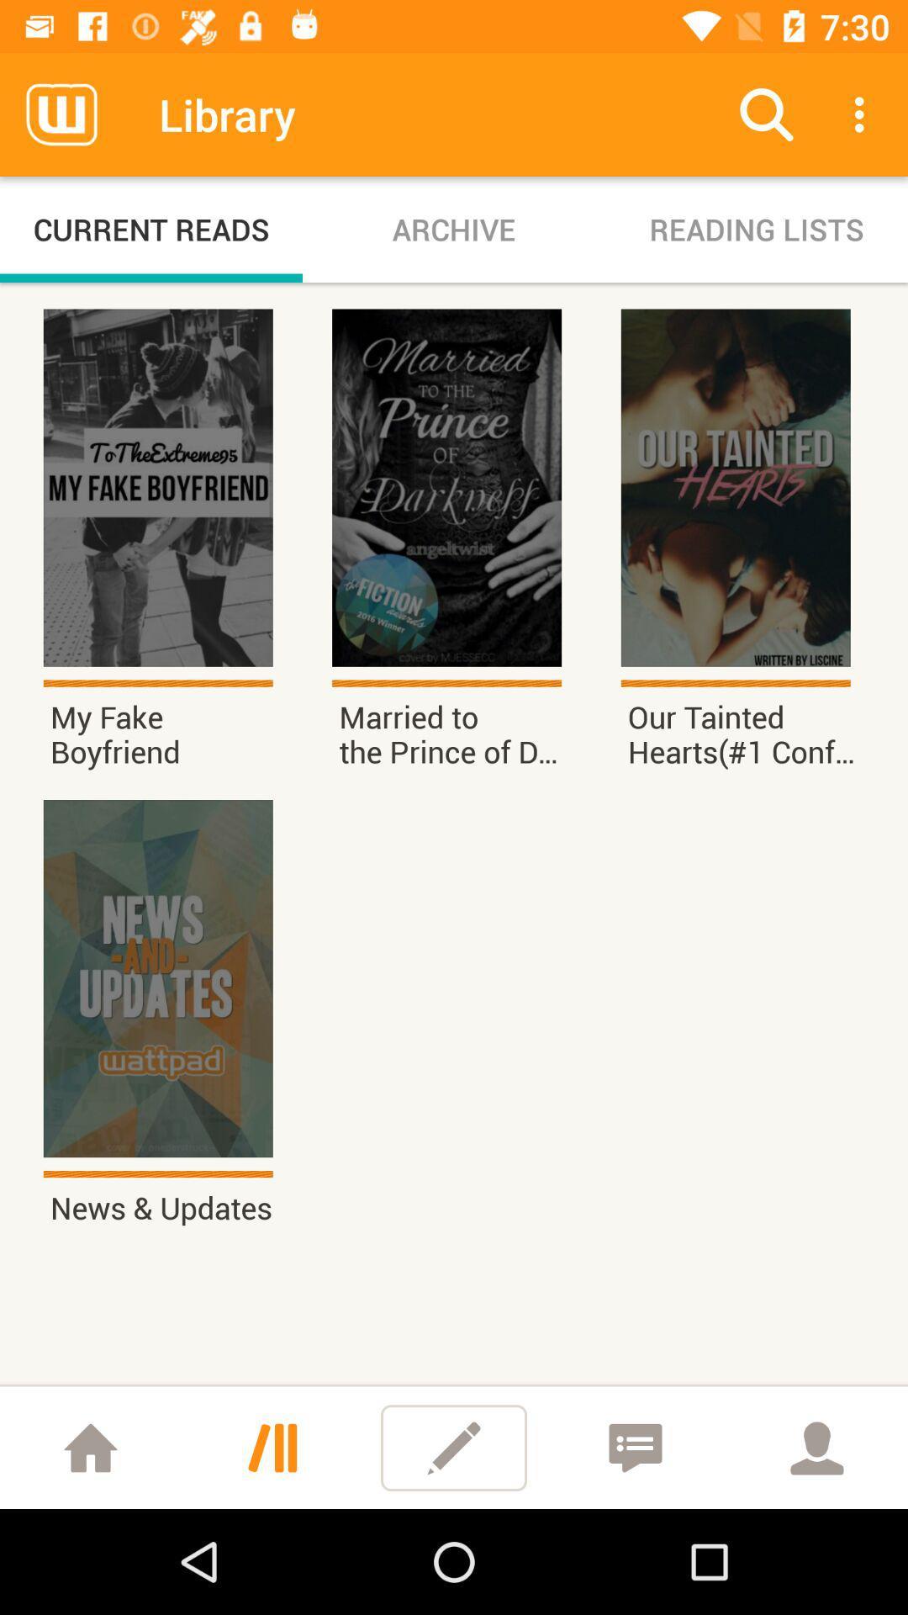  What do you see at coordinates (766, 114) in the screenshot?
I see `icon to the right of archive` at bounding box center [766, 114].